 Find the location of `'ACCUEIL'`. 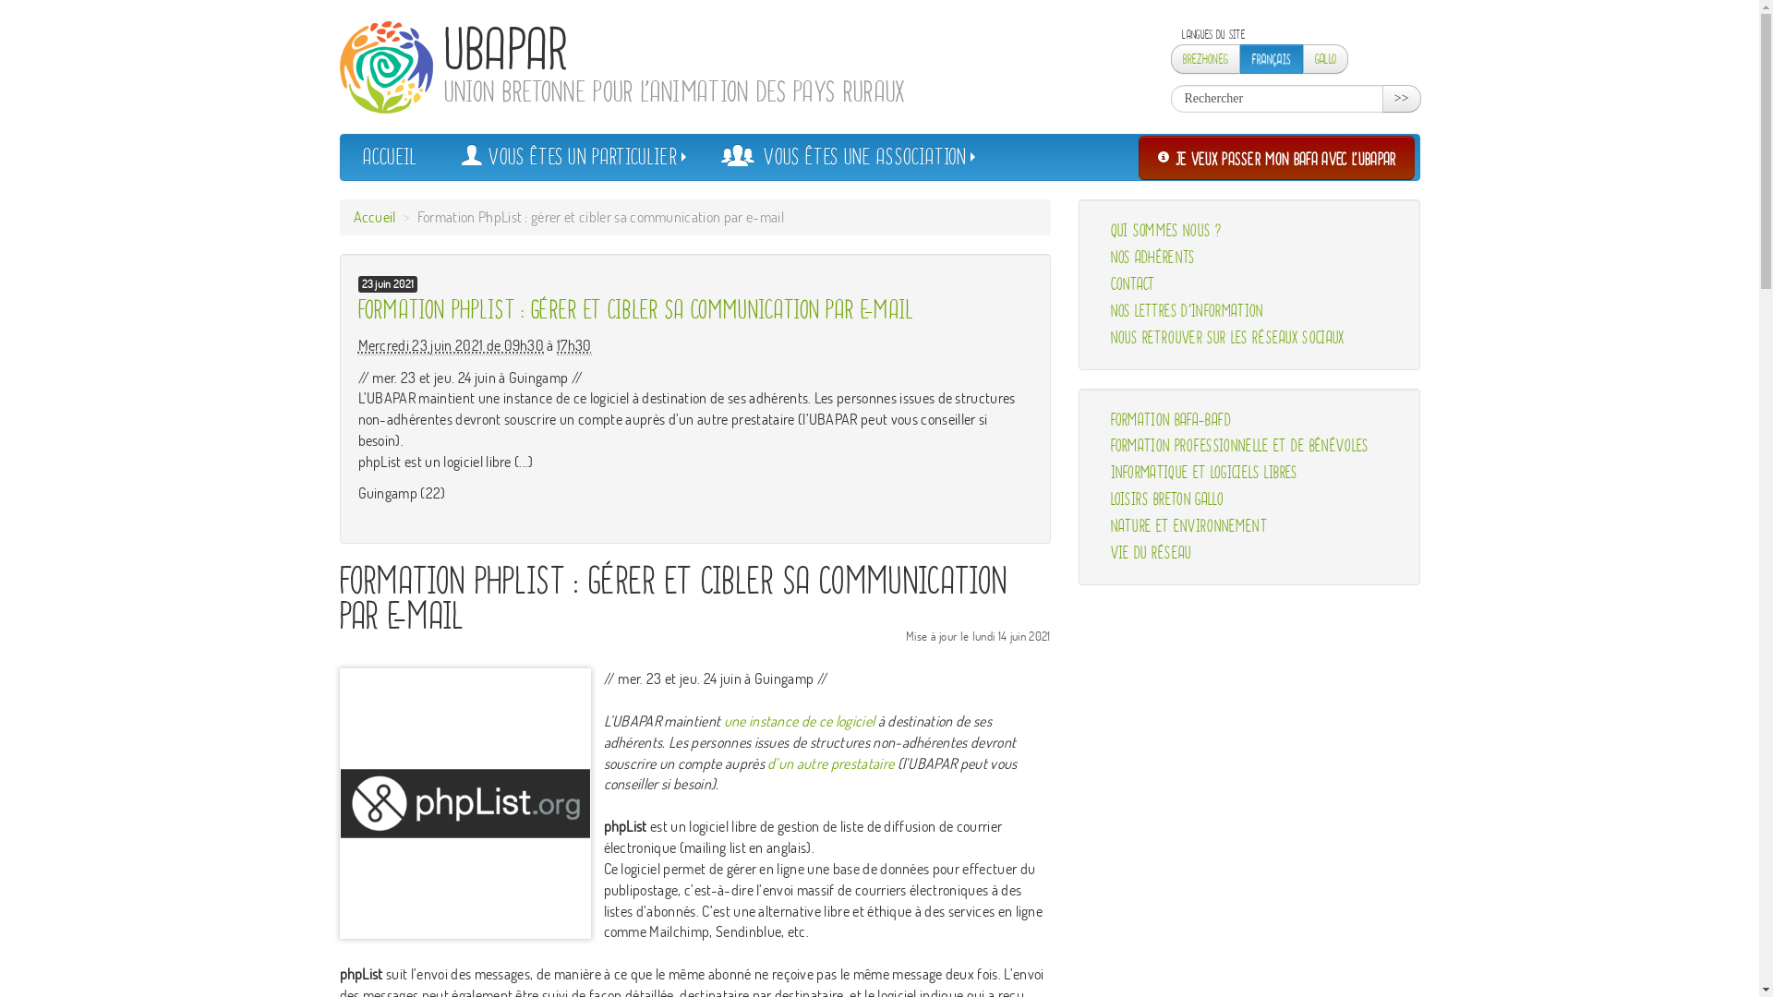

'ACCUEIL' is located at coordinates (388, 155).